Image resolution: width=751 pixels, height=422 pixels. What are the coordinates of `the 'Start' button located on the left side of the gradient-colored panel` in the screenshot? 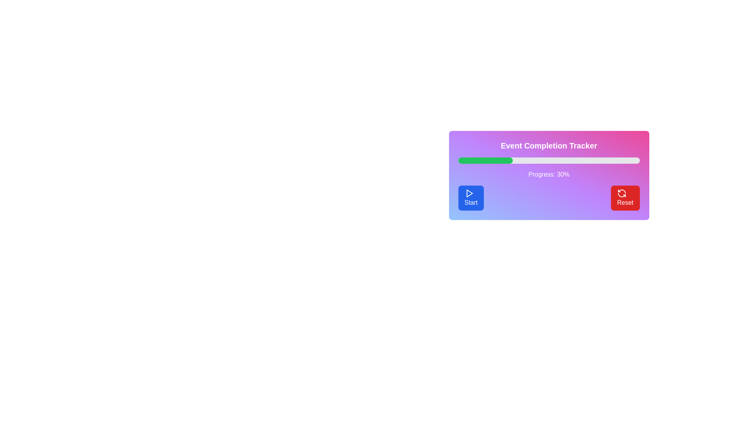 It's located at (471, 197).